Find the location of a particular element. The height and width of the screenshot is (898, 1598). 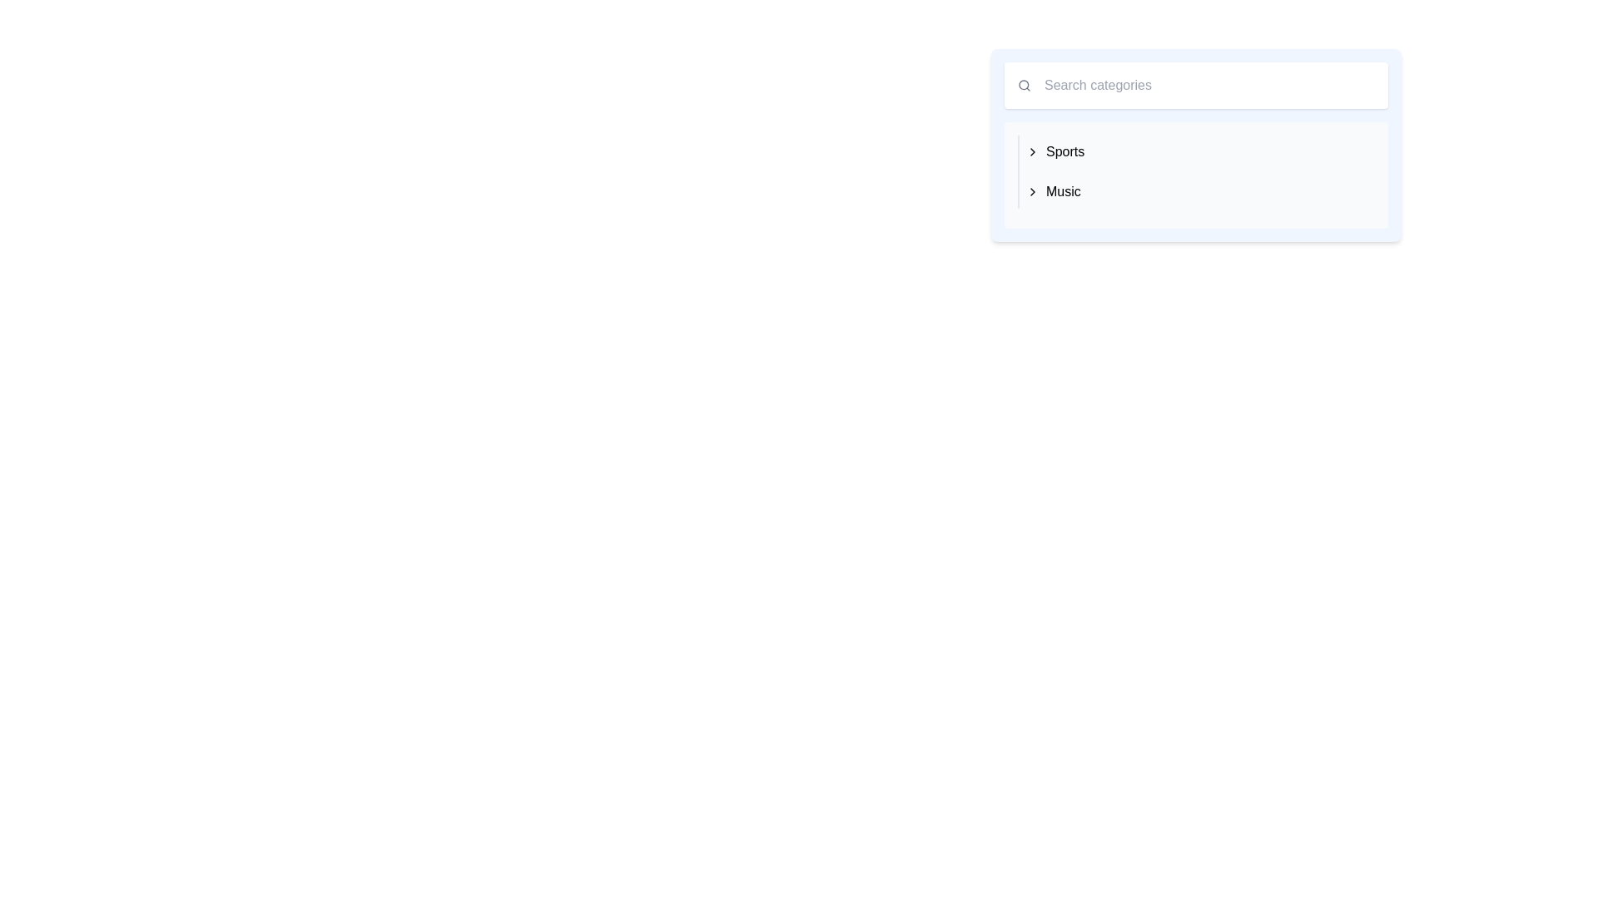

the chevron icon pointing to the right next to the 'Music' category is located at coordinates (1032, 191).